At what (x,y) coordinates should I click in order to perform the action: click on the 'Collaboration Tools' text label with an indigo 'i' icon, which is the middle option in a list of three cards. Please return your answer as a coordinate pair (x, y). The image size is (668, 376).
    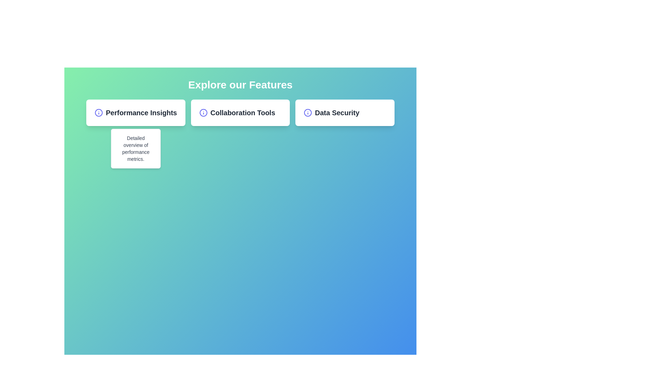
    Looking at the image, I should click on (240, 112).